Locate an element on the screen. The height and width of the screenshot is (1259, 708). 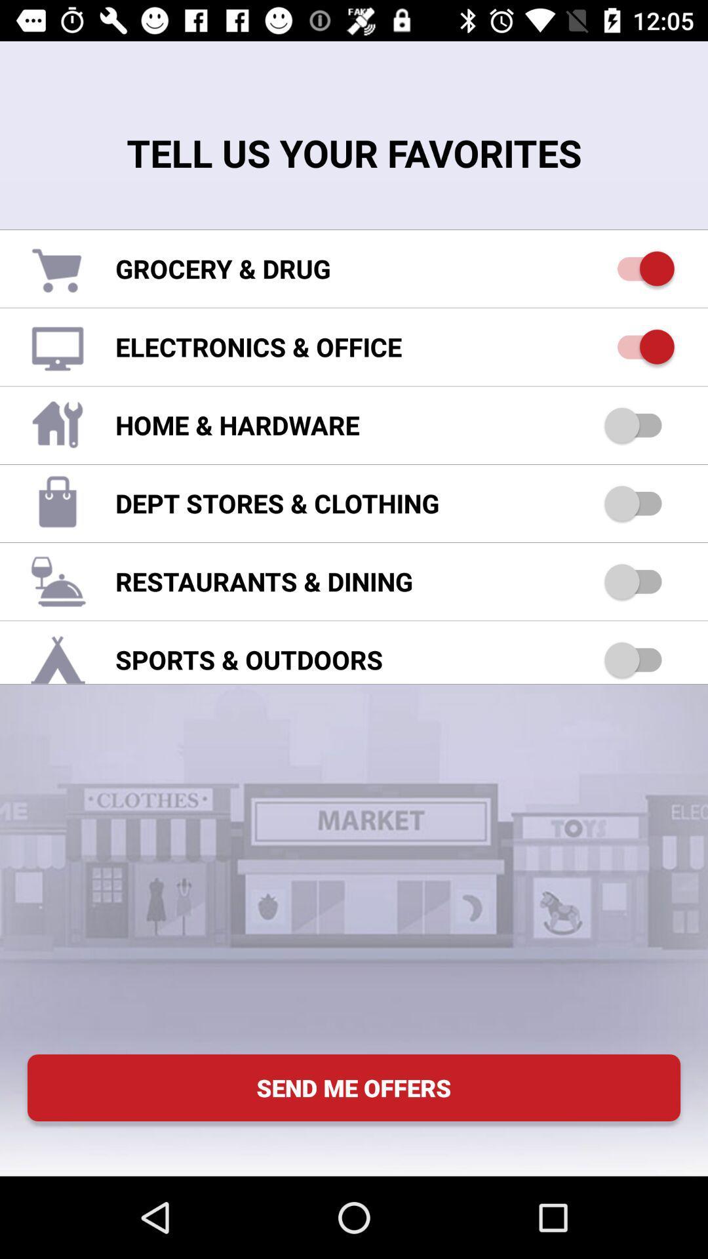
home hardware option is located at coordinates (639, 425).